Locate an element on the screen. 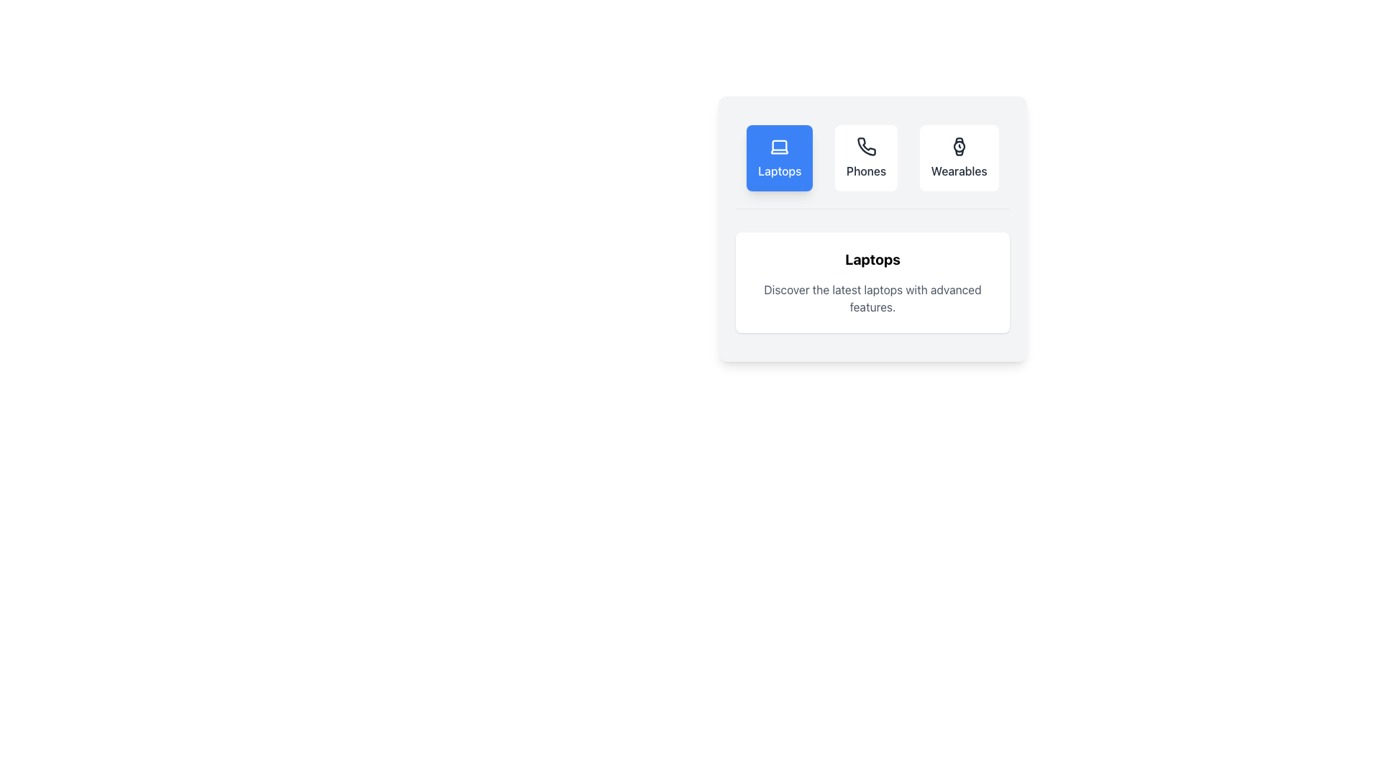 Image resolution: width=1381 pixels, height=777 pixels. the laptop icon, which is the first icon in the 'Laptops' button within the horizontal icon menu at the top left of the card-like interface is located at coordinates (779, 147).